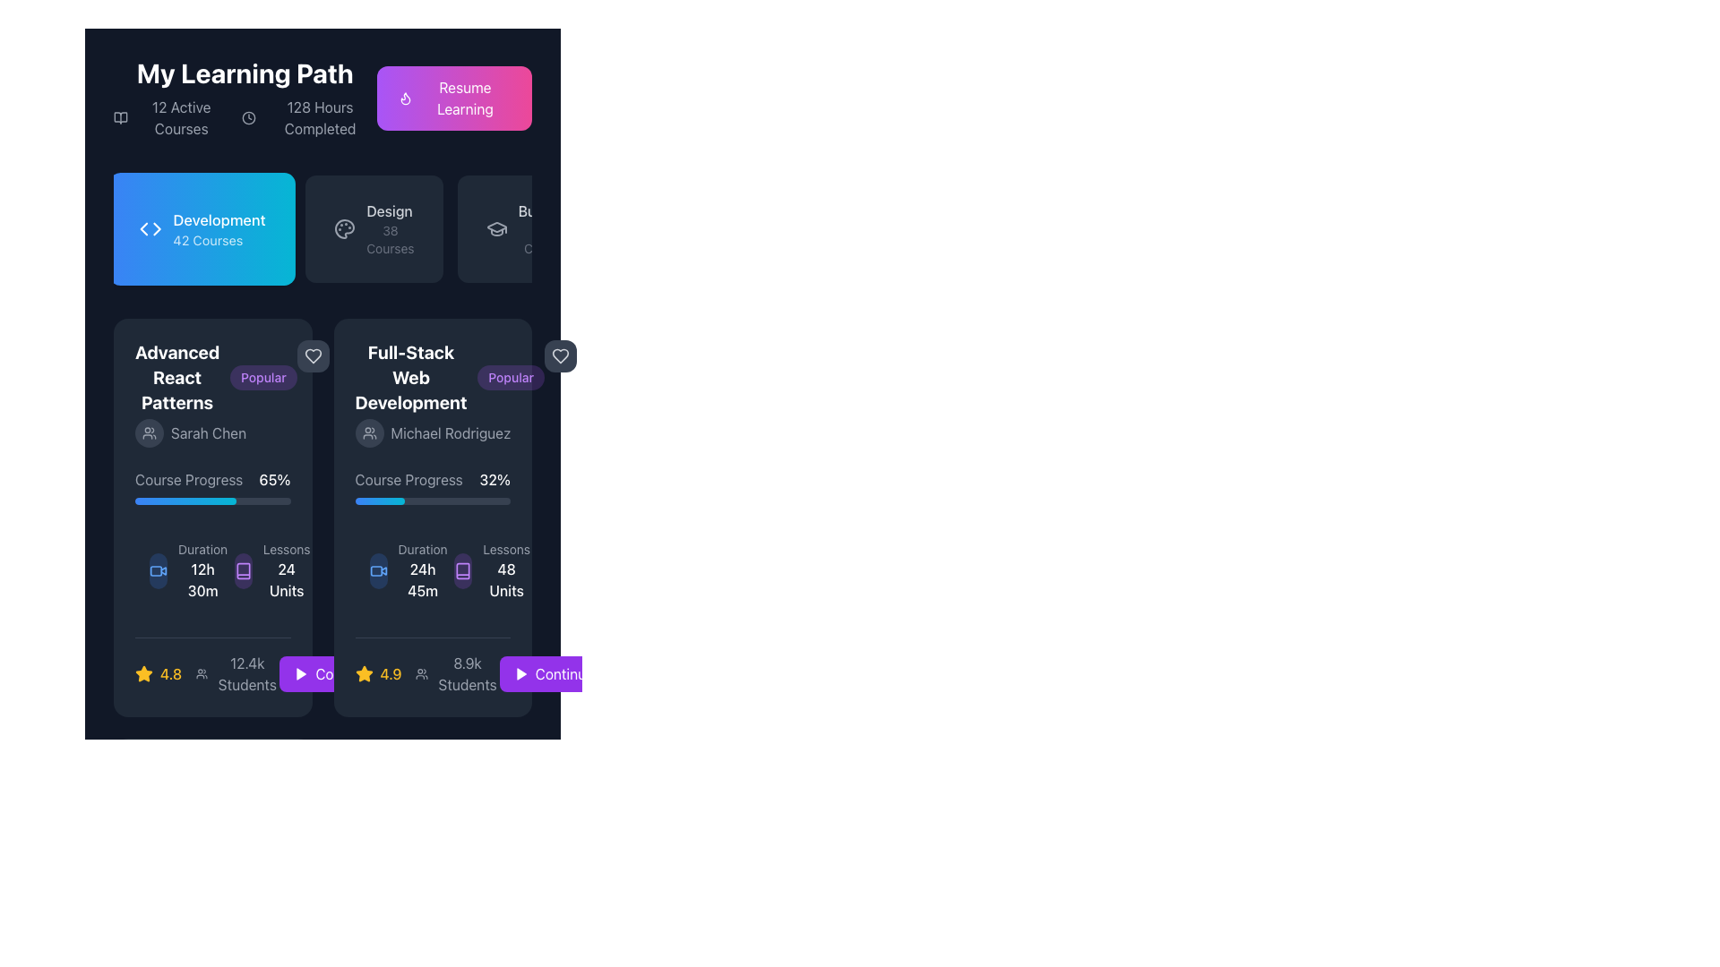 The width and height of the screenshot is (1720, 967). Describe the element at coordinates (433, 479) in the screenshot. I see `the informational label displaying 'Course Progress 32%' located in the second card from the left, which appears below the card title and user name, and above the progress bar indicator` at that location.